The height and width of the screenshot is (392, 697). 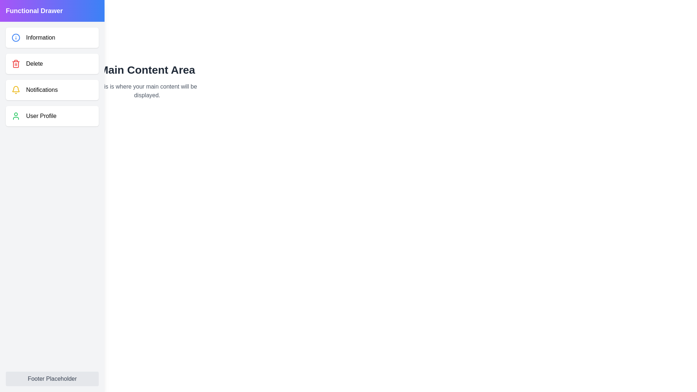 What do you see at coordinates (52, 379) in the screenshot?
I see `the footer section labeled 'Footer Placeholder' which has a light gray background and is located at the bottom of the left sidebar` at bounding box center [52, 379].